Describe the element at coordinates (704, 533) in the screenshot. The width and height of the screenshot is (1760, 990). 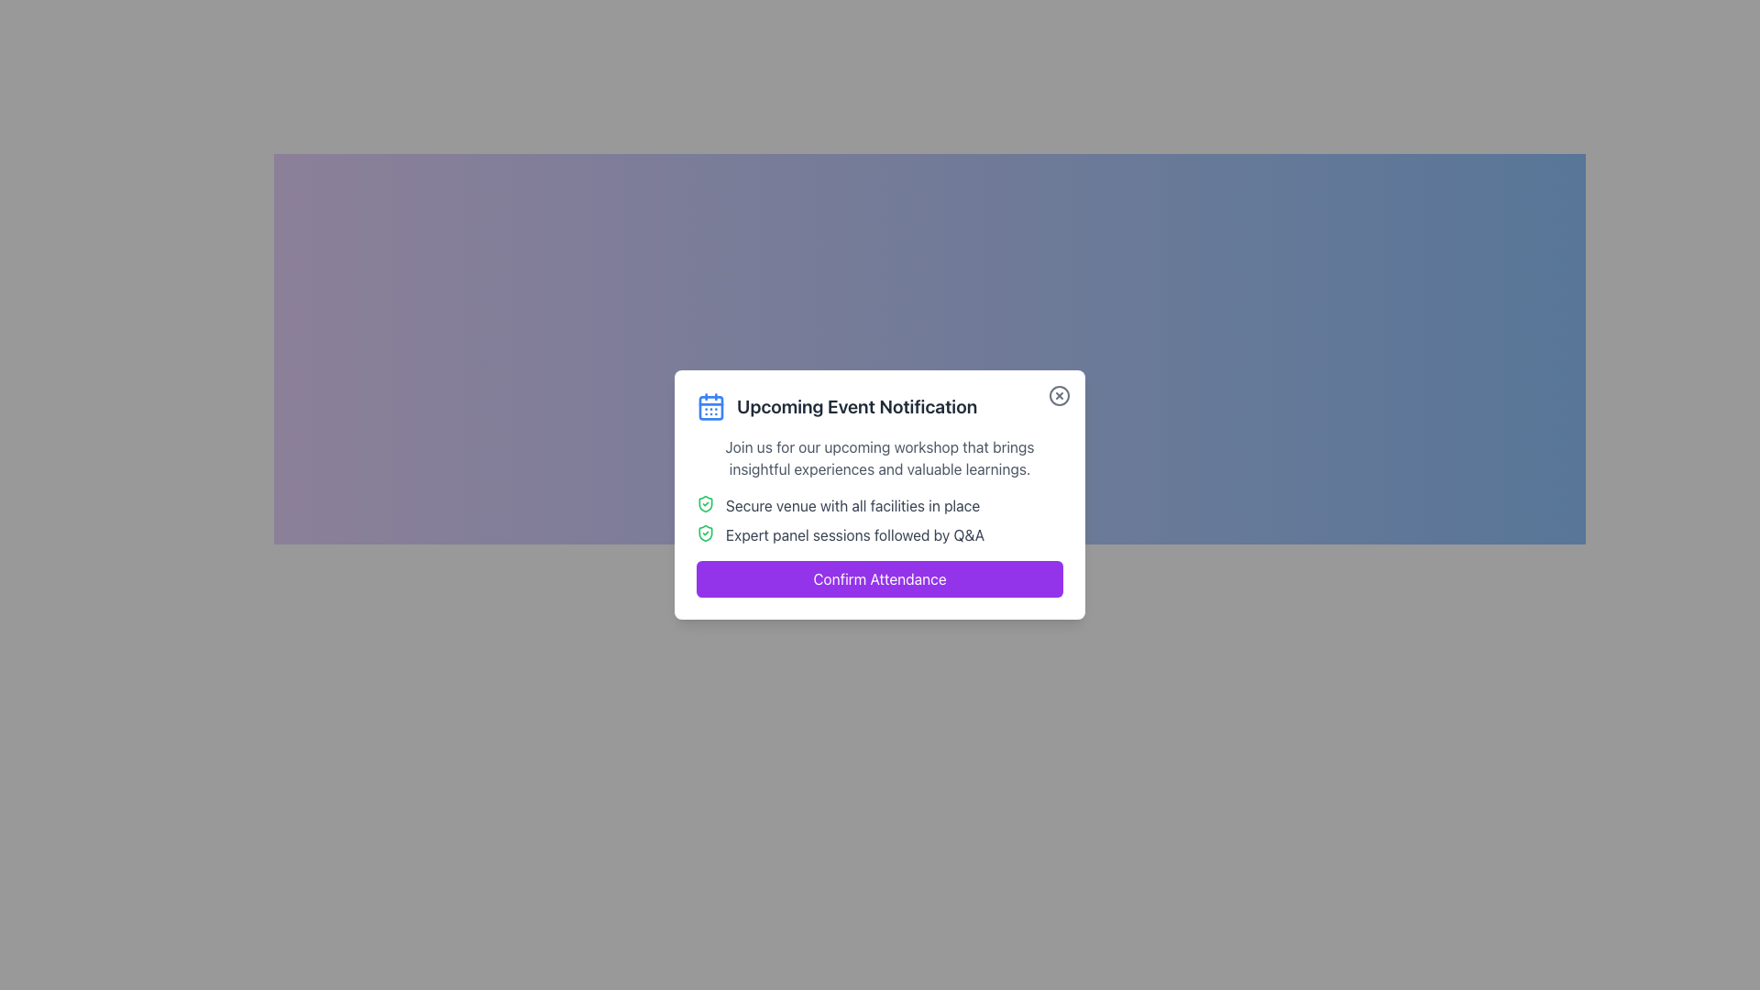
I see `the shield icon located to the left of the text 'Expert panel sessions followed by Q&A' in the modal, which serves as a visual indicator of security or confirmation` at that location.